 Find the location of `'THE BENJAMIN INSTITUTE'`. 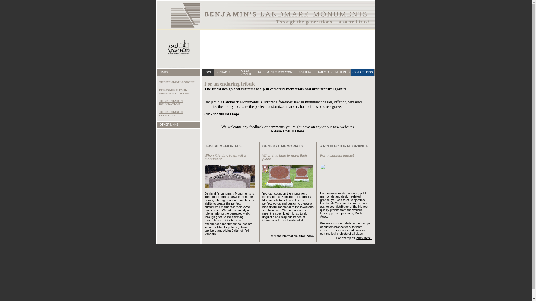

'THE BENJAMIN INSTITUTE' is located at coordinates (171, 113).